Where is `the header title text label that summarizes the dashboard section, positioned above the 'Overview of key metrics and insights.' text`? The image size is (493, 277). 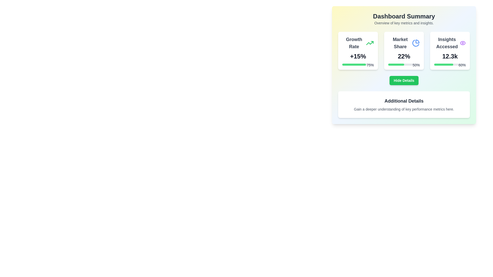
the header title text label that summarizes the dashboard section, positioned above the 'Overview of key metrics and insights.' text is located at coordinates (404, 16).